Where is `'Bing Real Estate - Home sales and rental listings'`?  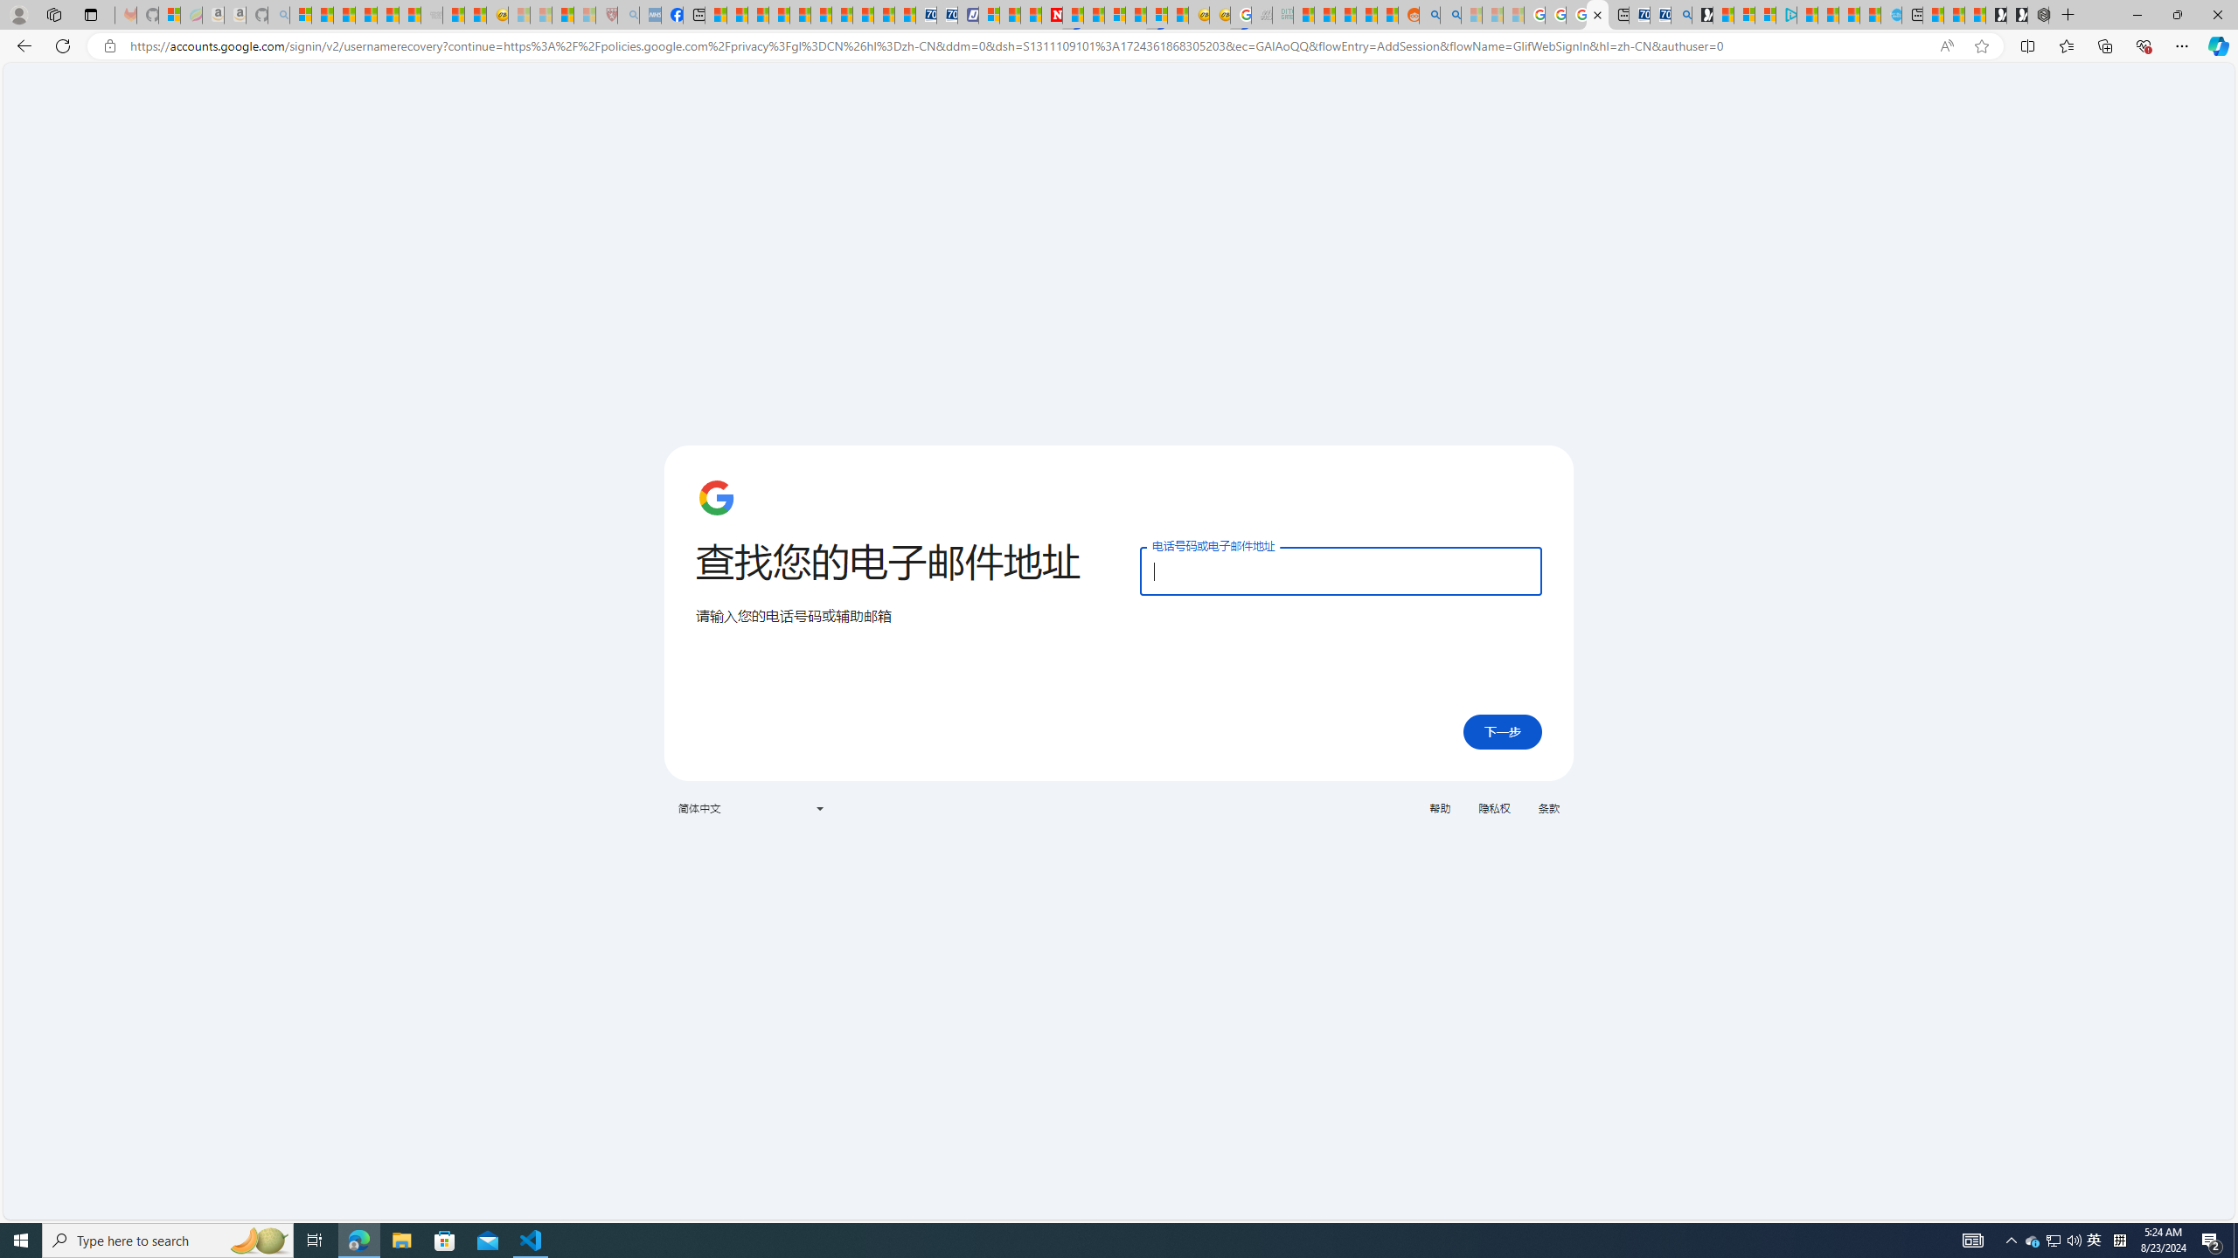
'Bing Real Estate - Home sales and rental listings' is located at coordinates (1679, 14).